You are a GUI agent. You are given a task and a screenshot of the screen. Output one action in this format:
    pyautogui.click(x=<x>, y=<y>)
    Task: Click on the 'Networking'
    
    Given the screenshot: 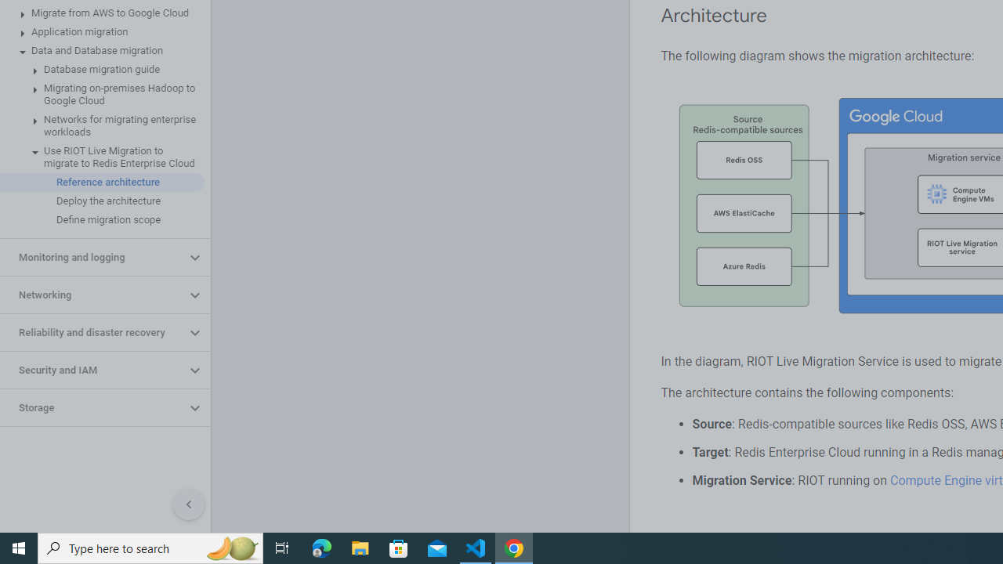 What is the action you would take?
    pyautogui.click(x=92, y=295)
    